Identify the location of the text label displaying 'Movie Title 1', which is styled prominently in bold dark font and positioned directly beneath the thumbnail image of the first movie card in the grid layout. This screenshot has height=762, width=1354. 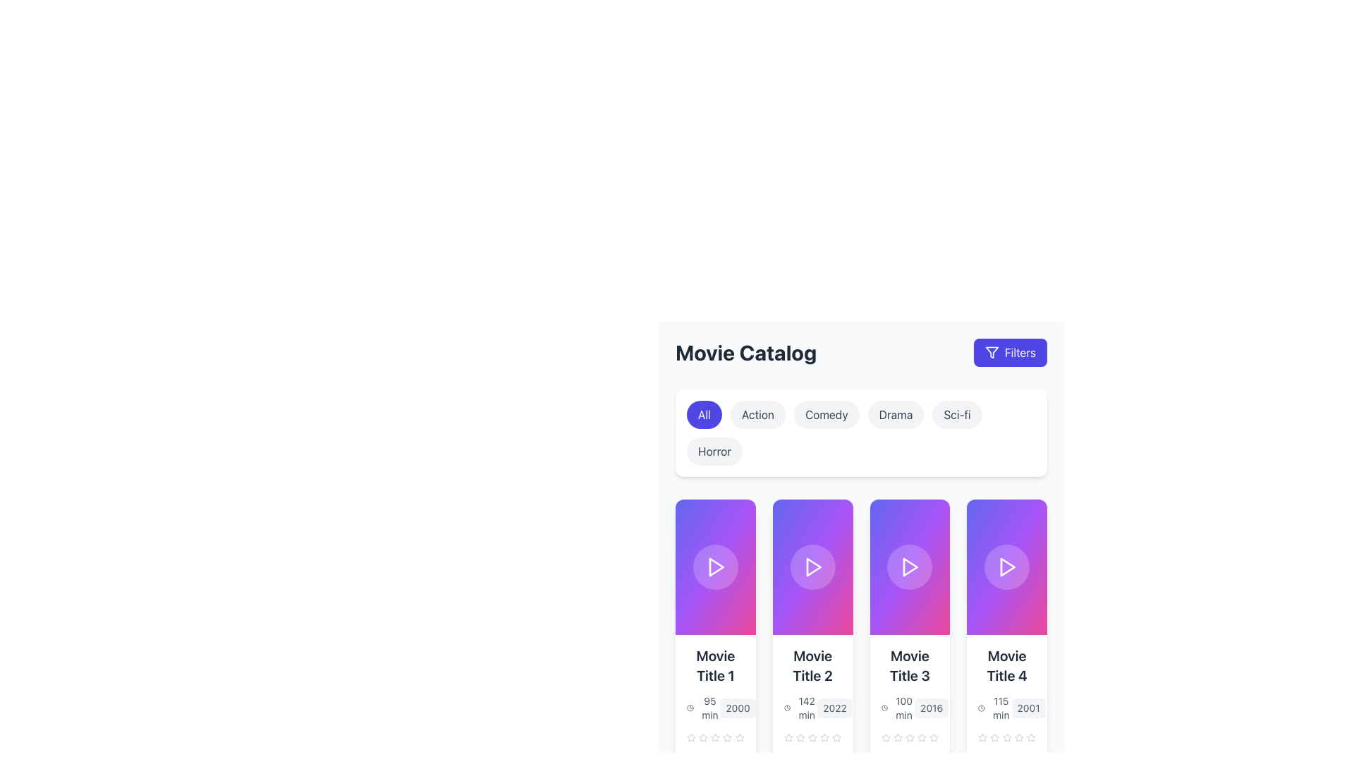
(715, 666).